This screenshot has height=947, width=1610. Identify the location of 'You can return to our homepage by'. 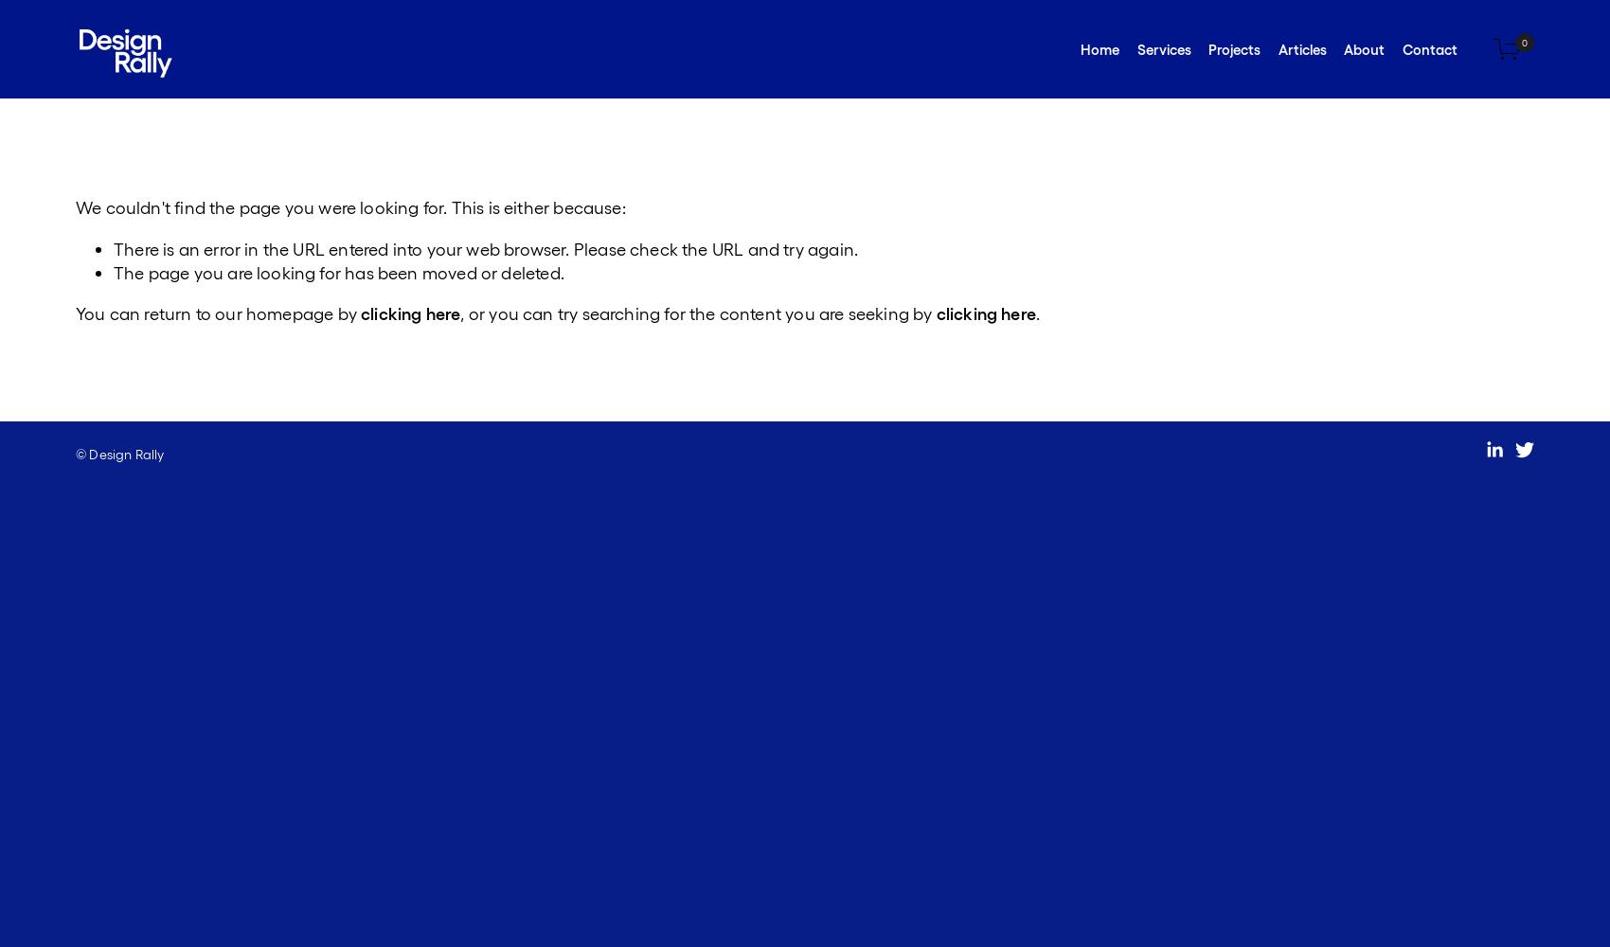
(218, 311).